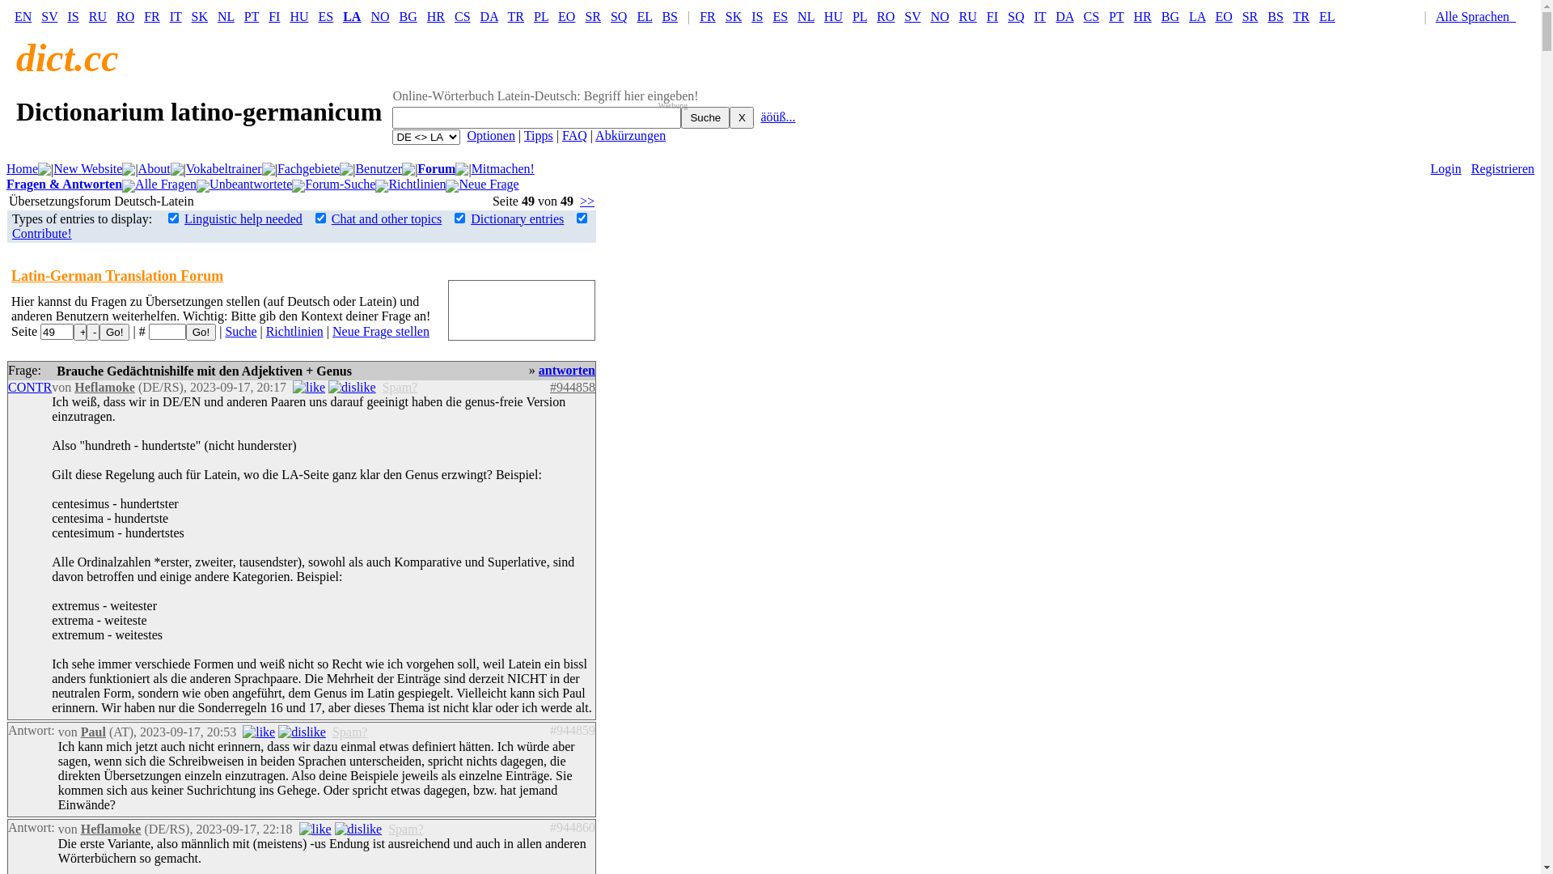 Image resolution: width=1553 pixels, height=874 pixels. Describe the element at coordinates (135, 183) in the screenshot. I see `'Alle Fragen'` at that location.